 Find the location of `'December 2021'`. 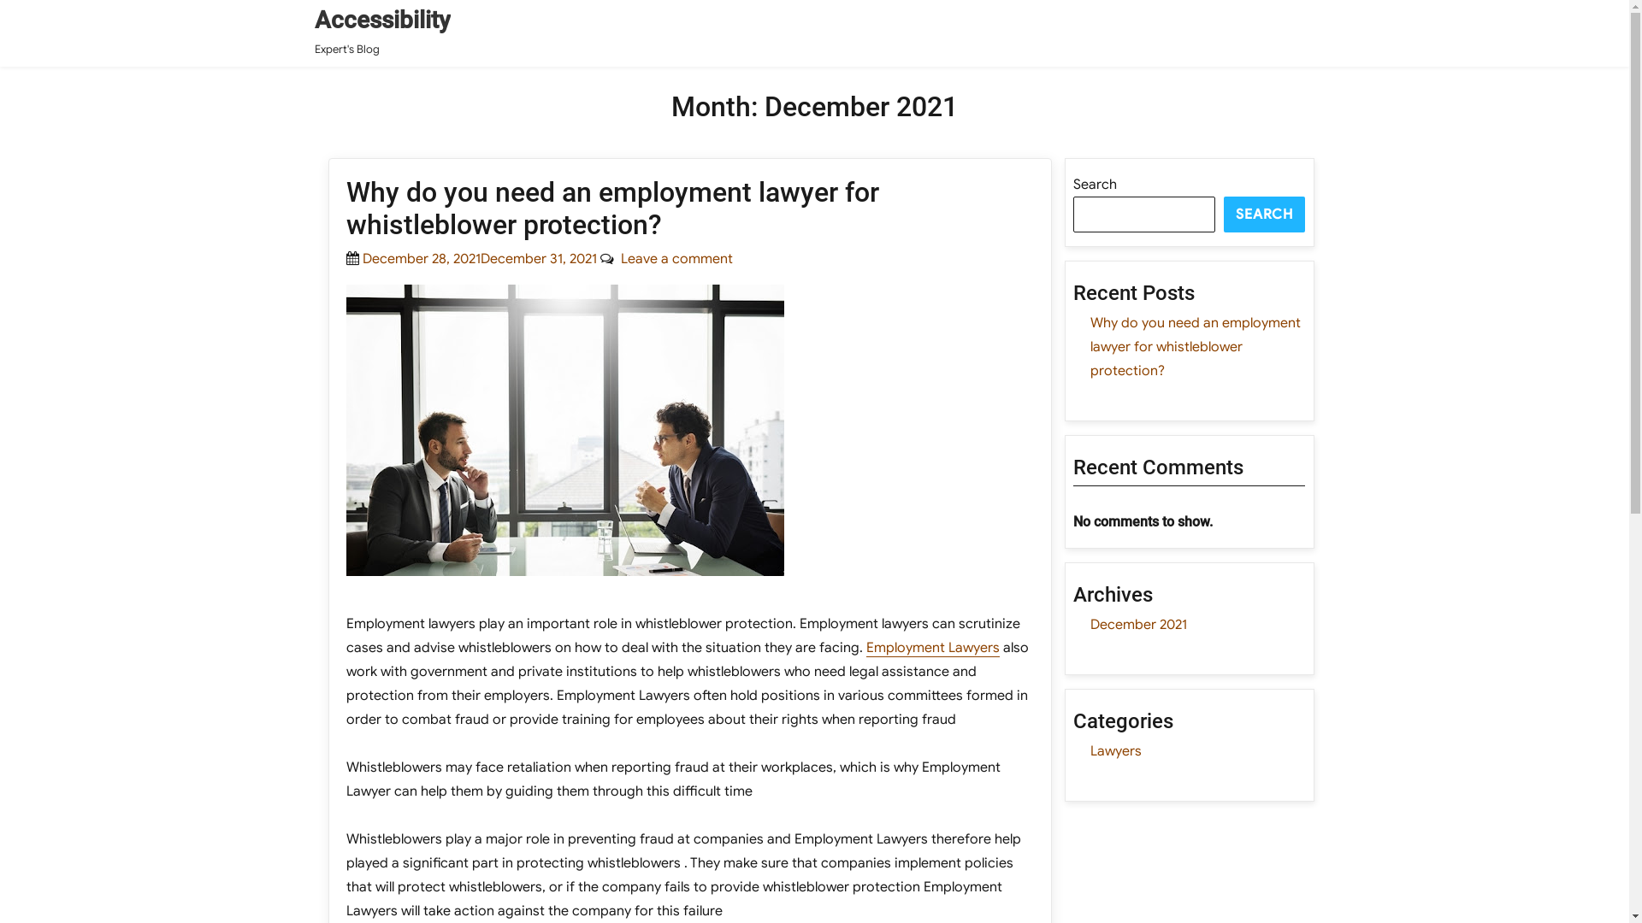

'December 2021' is located at coordinates (1138, 625).